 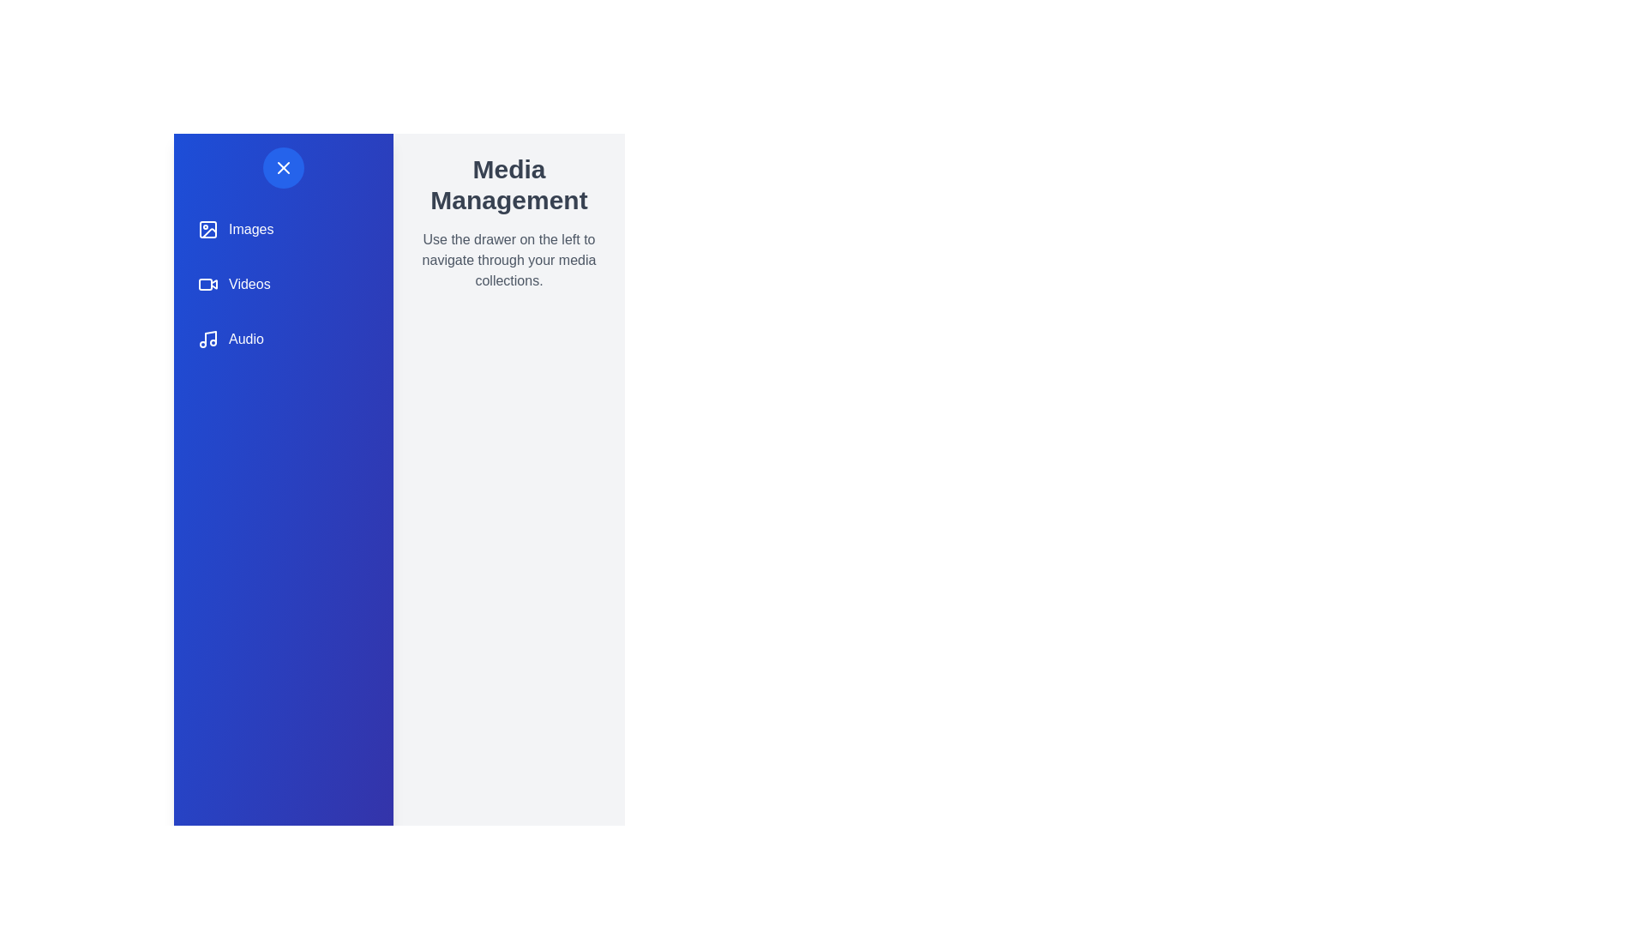 I want to click on the close button with an 'X' symbol at the top of the navigation bar, so click(x=284, y=168).